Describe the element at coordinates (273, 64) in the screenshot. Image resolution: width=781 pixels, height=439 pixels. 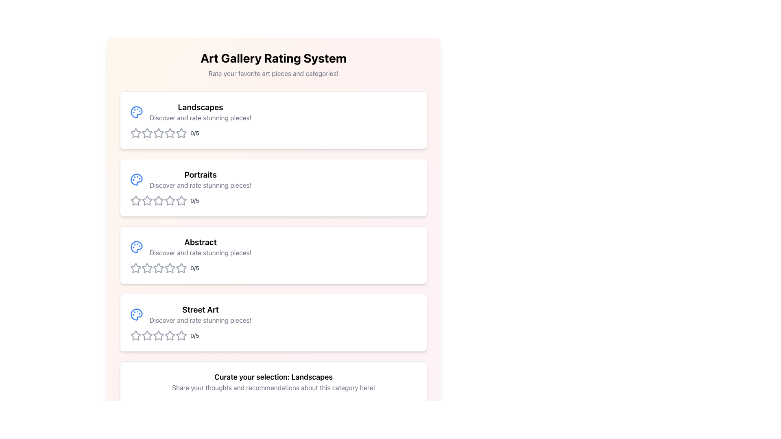
I see `the header and subtitle element that introduces the page's content about rating art pieces to focus on it` at that location.